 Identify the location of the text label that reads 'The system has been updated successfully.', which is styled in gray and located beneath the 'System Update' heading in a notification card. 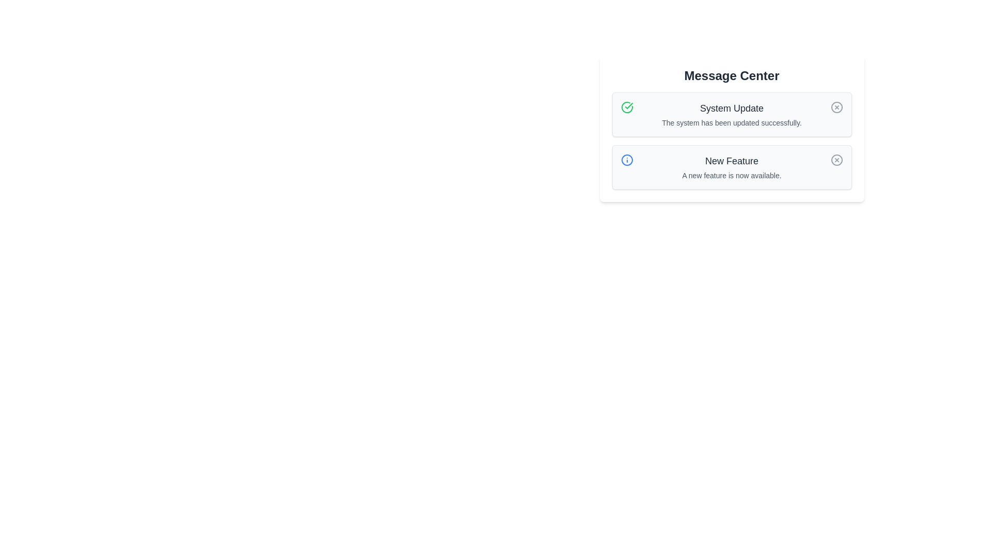
(731, 122).